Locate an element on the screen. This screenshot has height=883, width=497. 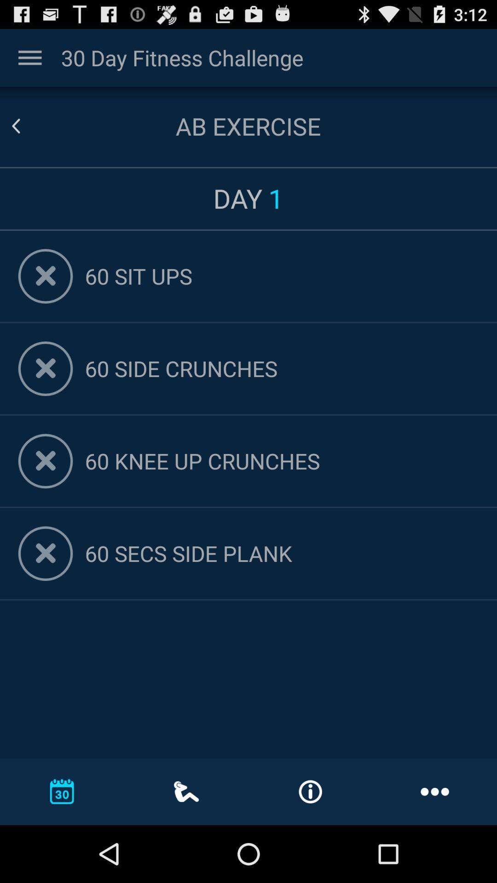
get rid of this option is located at coordinates (46, 275).